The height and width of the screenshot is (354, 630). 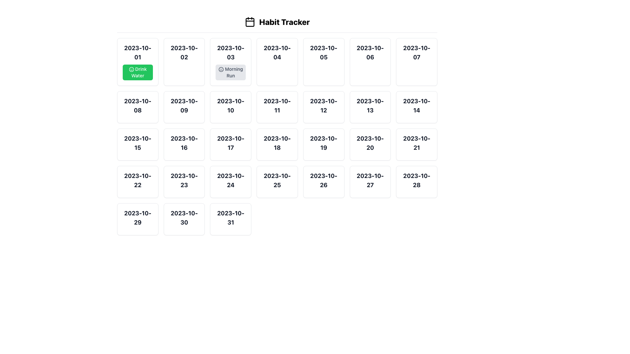 I want to click on the Calendar date card displaying the date '2023-10-24' in large bold gray font, located in the fourth row and third column of the calendar grid, so click(x=231, y=182).